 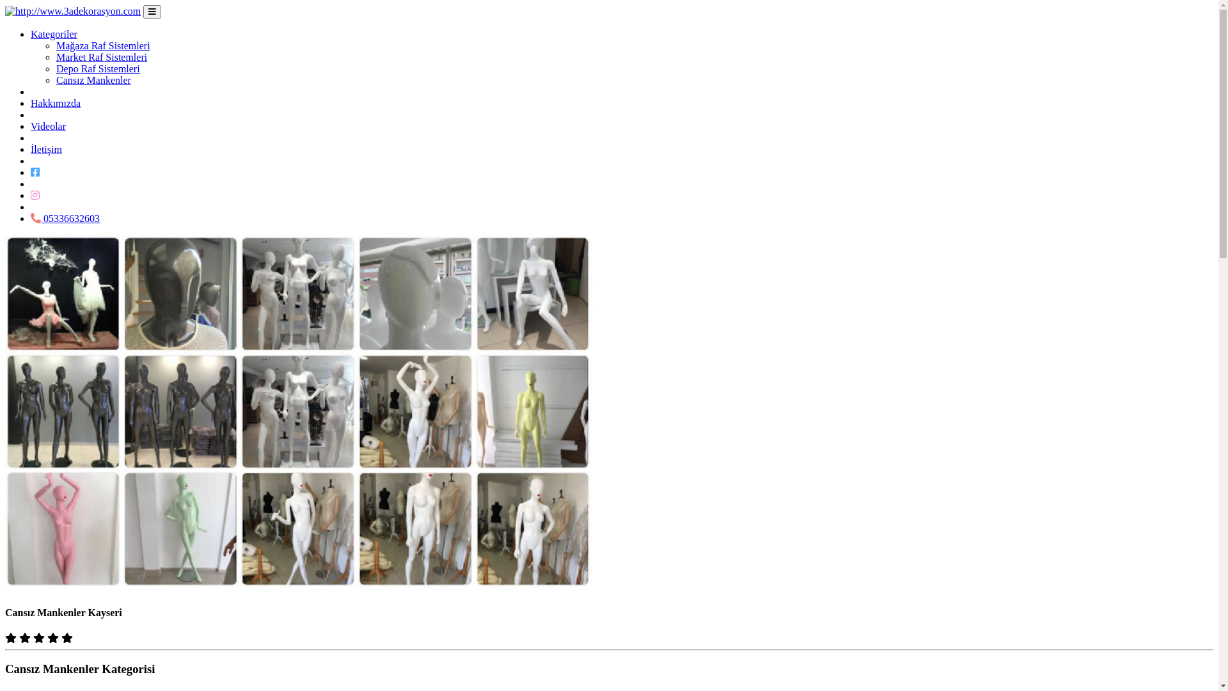 I want to click on '05336632603', so click(x=64, y=218).